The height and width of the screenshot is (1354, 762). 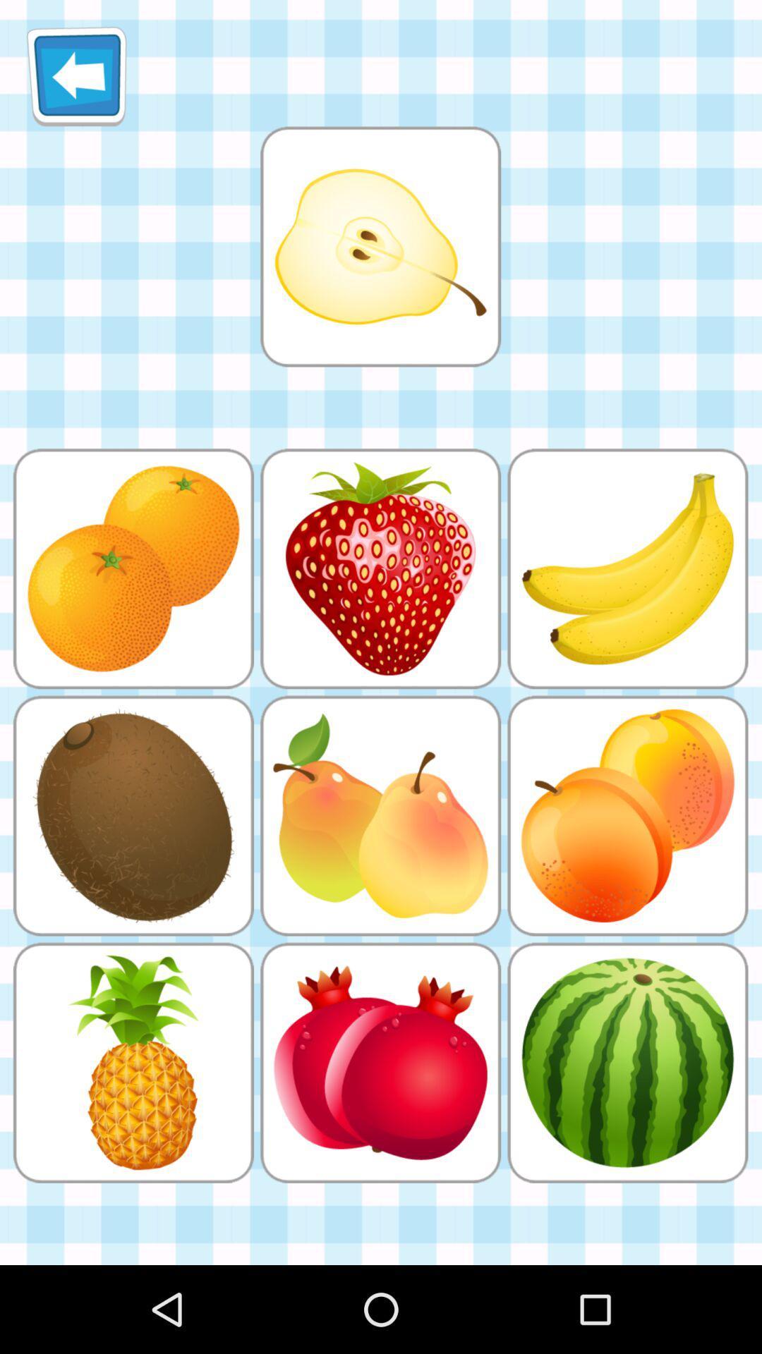 I want to click on selection choice, so click(x=380, y=246).